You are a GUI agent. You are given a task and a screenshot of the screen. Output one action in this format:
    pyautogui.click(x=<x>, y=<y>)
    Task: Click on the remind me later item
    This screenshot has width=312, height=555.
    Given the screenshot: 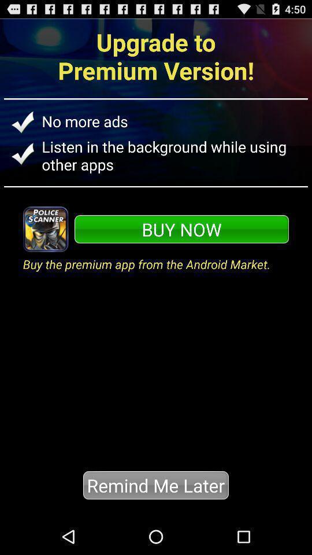 What is the action you would take?
    pyautogui.click(x=155, y=485)
    